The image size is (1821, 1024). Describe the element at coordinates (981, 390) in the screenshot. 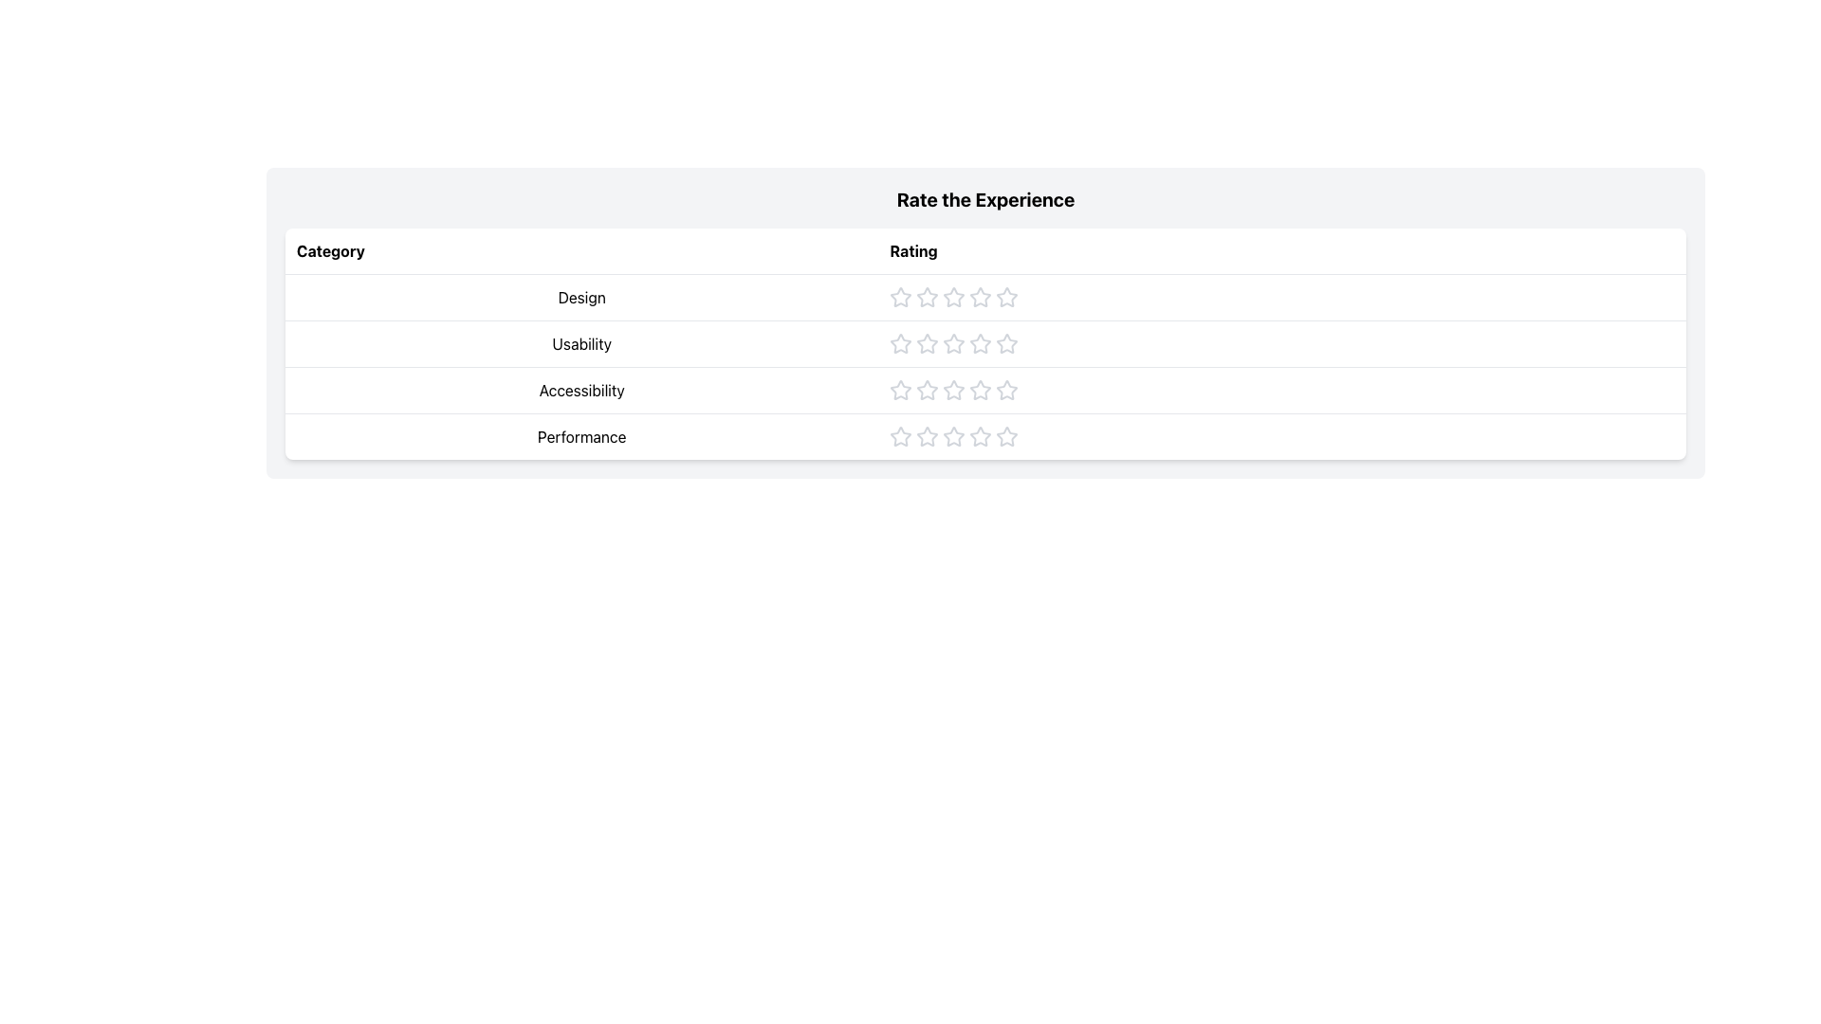

I see `the sixth light gray star-shaped icon in the 'Accessibility' row under the 'Rating' column to rate it` at that location.